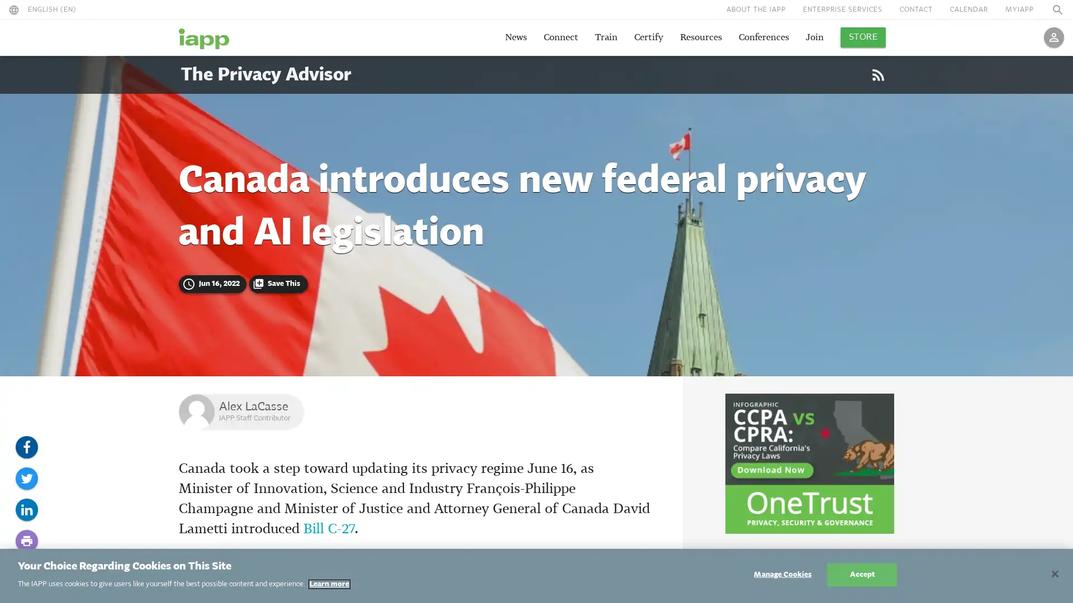 This screenshot has height=603, width=1073. I want to click on Close, so click(1054, 574).